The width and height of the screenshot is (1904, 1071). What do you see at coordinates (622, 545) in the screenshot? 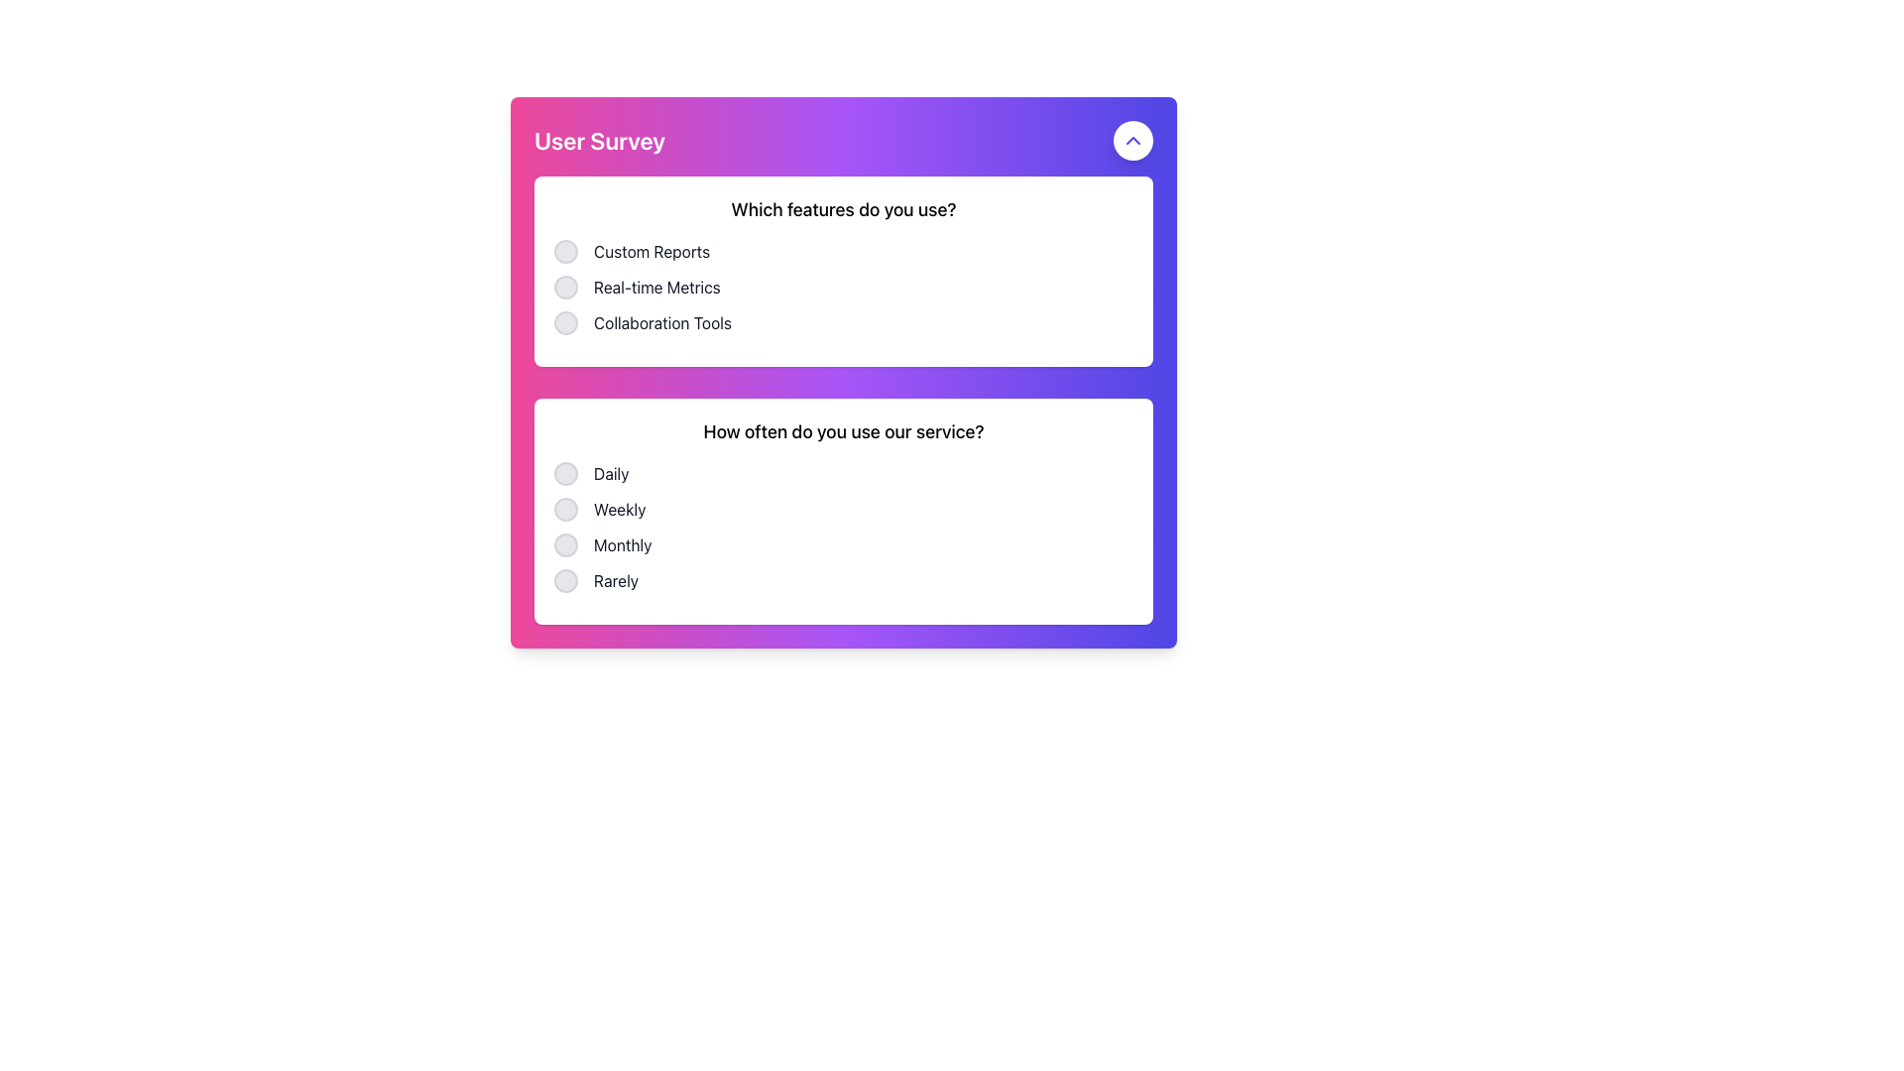
I see `text from the 'Monthly' label, which is styled in dark gray and aligned to the right of a circular radio selection interface in the user survey form` at bounding box center [622, 545].